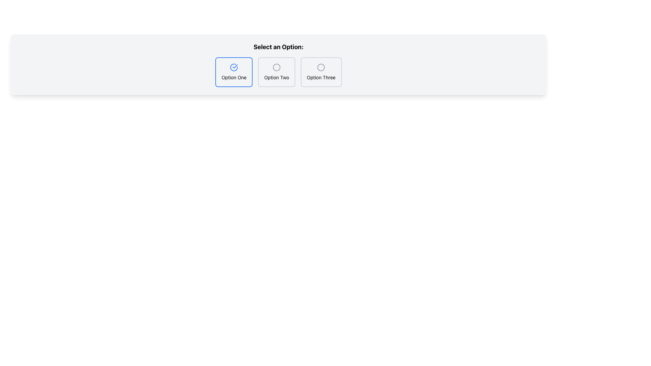  Describe the element at coordinates (320, 67) in the screenshot. I see `the circular icon with a gray border that serves as a selection marker for 'Option Three' under the 'Select an Option:' header` at that location.